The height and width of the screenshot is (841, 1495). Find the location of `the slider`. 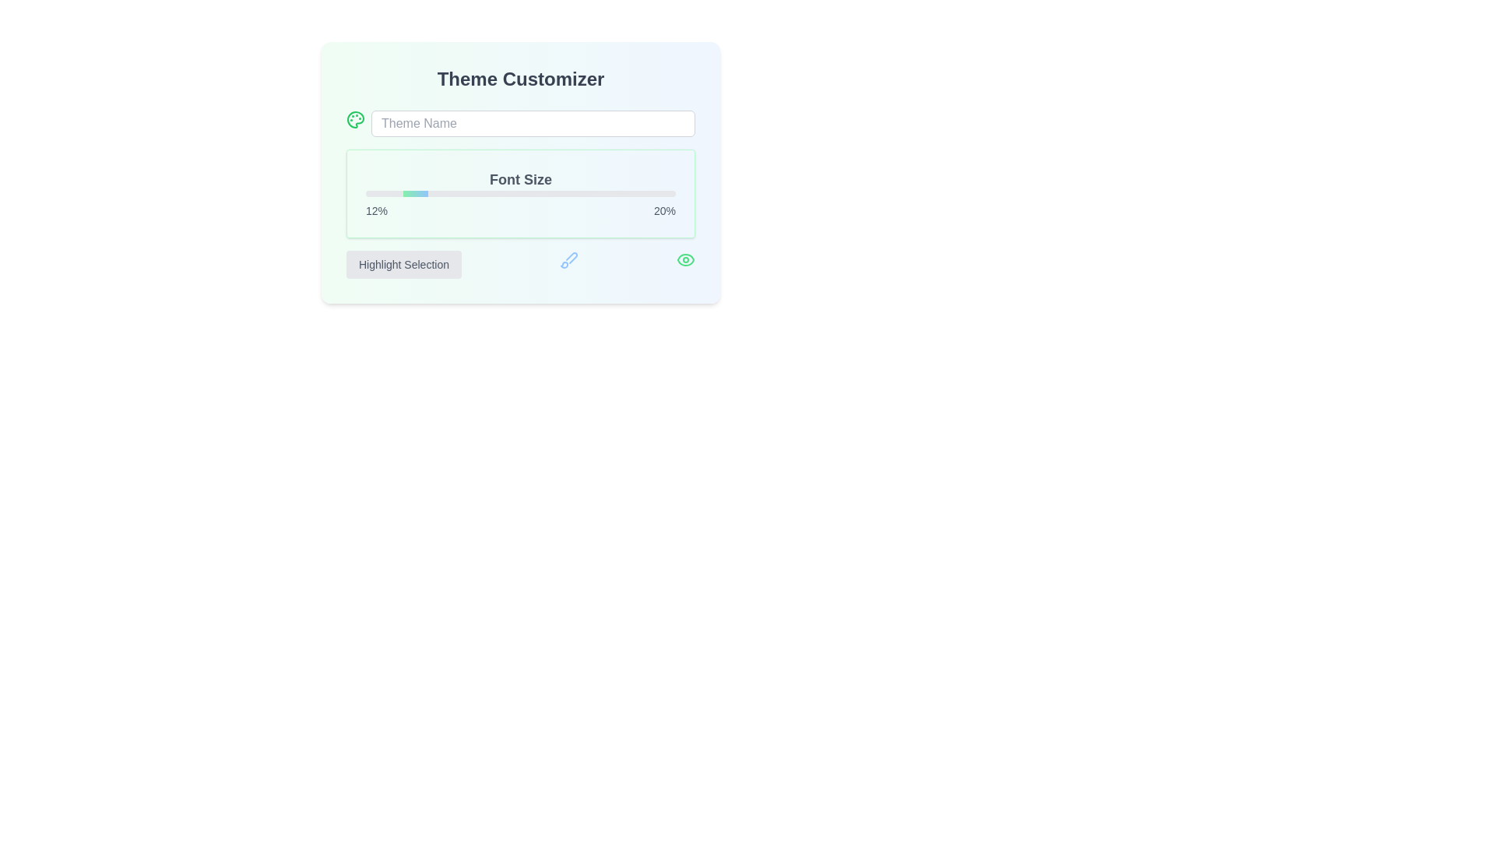

the slider is located at coordinates (399, 193).